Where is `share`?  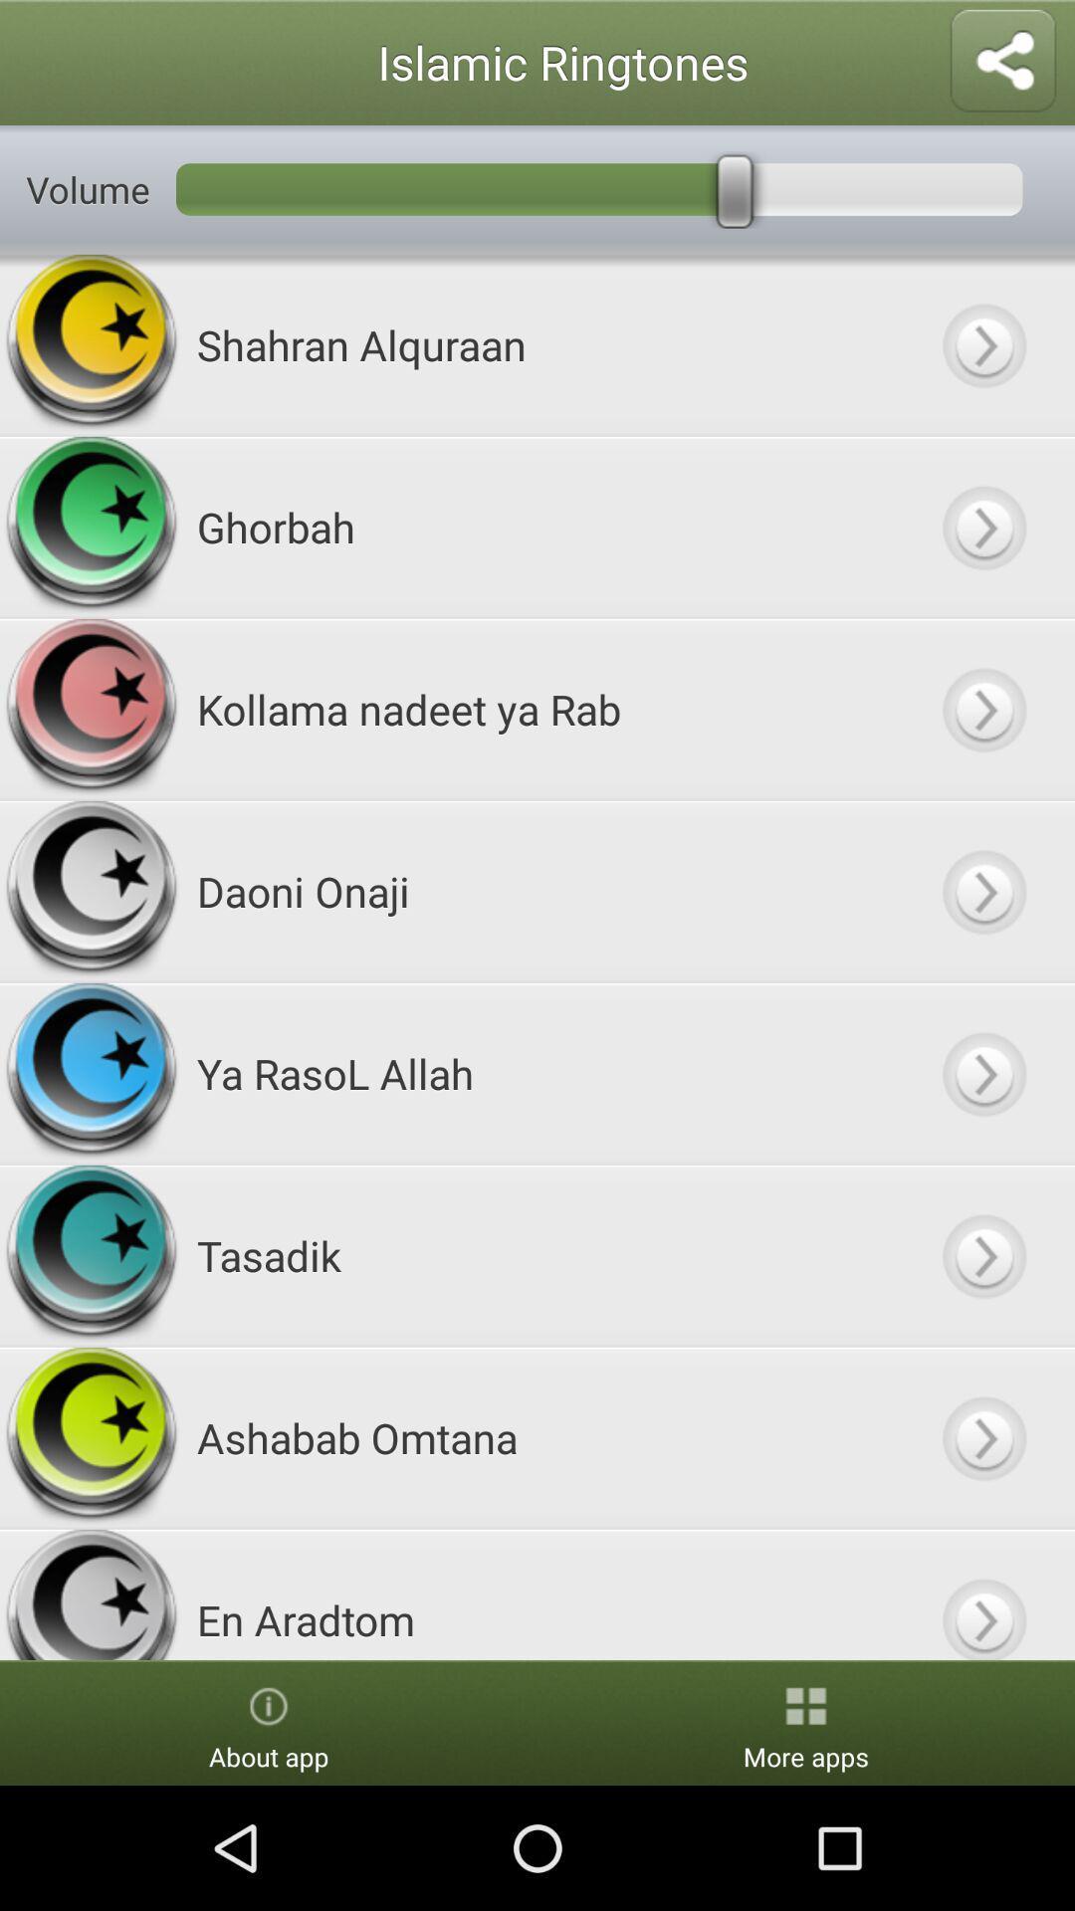 share is located at coordinates (1002, 62).